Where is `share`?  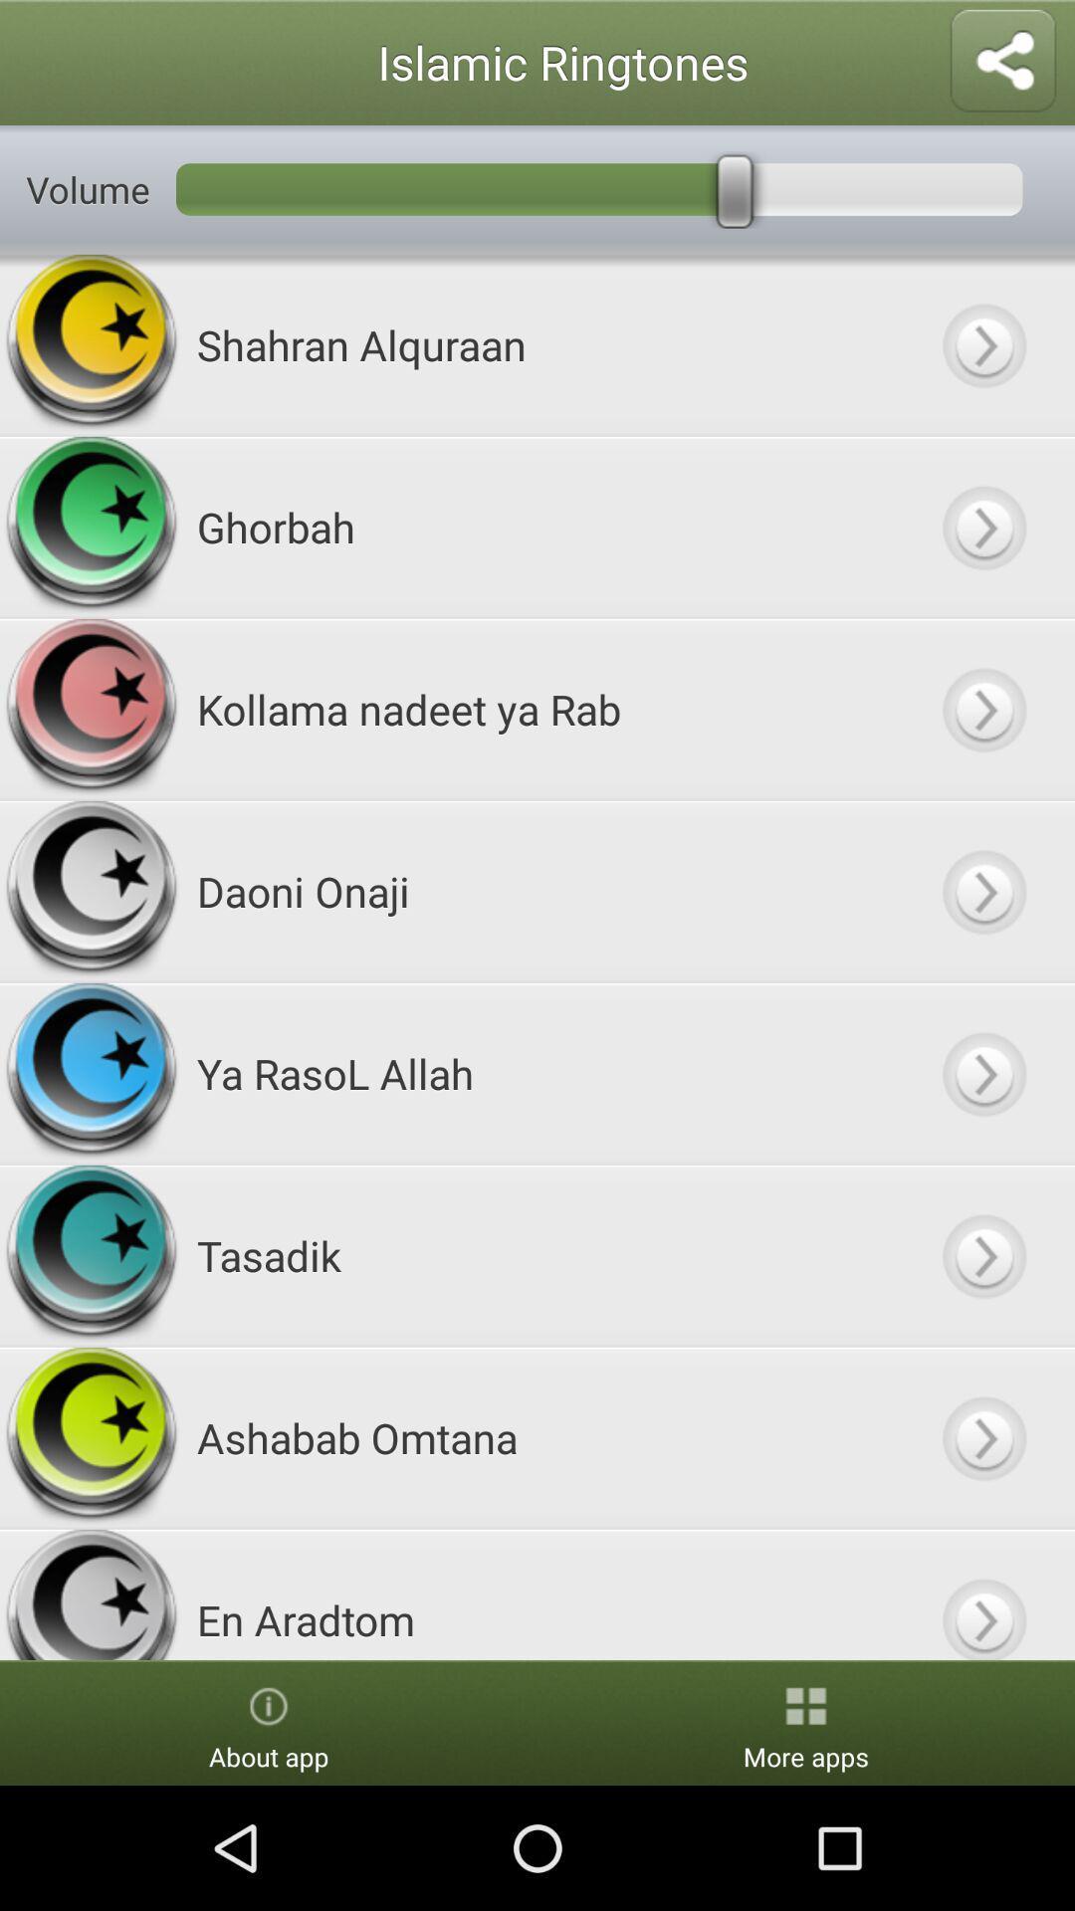 share is located at coordinates (1002, 62).